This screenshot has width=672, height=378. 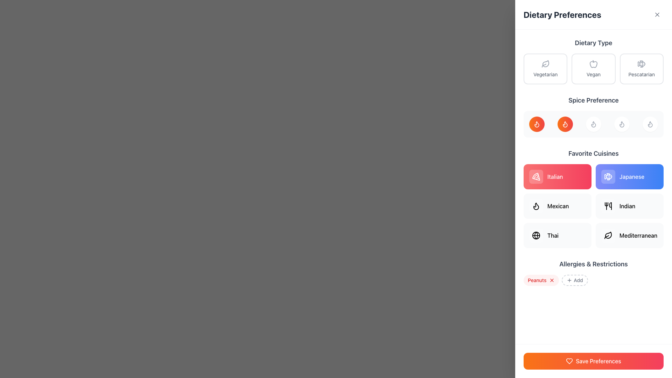 I want to click on the 'Mexican' cuisine button, which is a rectangular button with a white background, rounded corners, a flame icon on the left, and the text 'Mexican' on the right, located in the 'Favorite Cuisines' section, so click(x=557, y=206).